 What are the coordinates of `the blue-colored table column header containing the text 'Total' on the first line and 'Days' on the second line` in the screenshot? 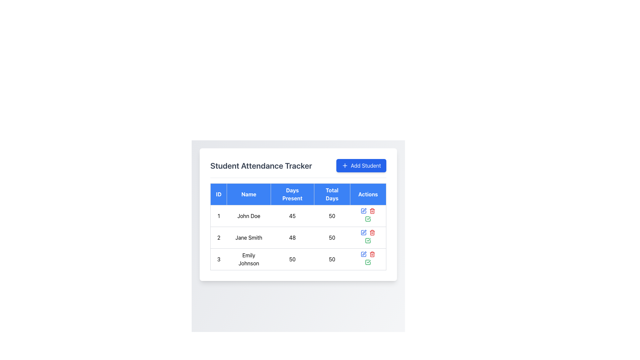 It's located at (332, 194).